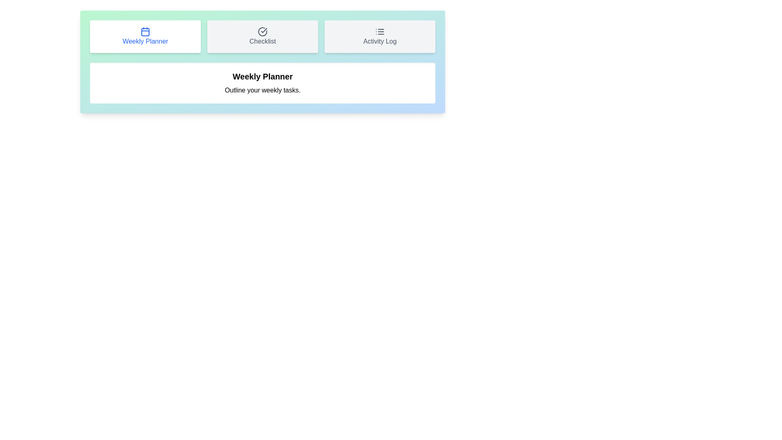 The width and height of the screenshot is (782, 440). I want to click on the tab button corresponding to Weekly Planner to switch to that tab, so click(145, 36).